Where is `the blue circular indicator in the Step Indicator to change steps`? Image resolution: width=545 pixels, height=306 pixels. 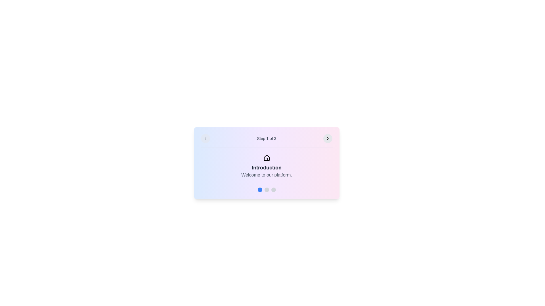
the blue circular indicator in the Step Indicator to change steps is located at coordinates (266, 188).